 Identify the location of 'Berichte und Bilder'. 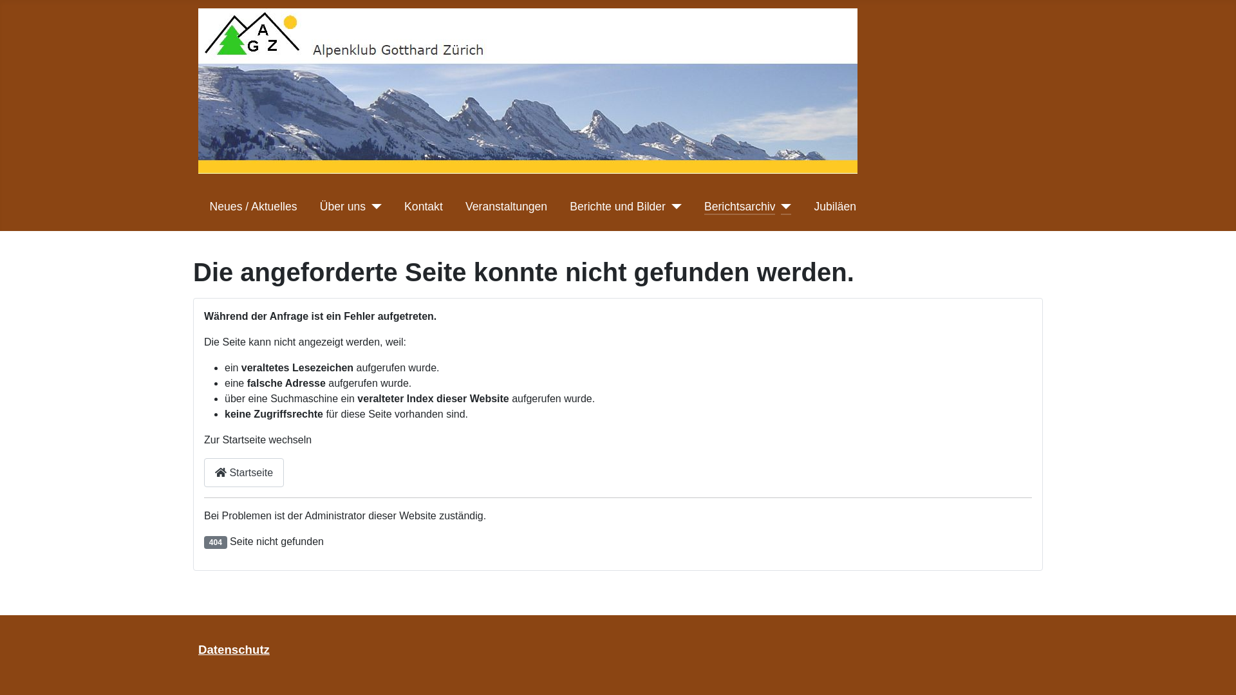
(617, 205).